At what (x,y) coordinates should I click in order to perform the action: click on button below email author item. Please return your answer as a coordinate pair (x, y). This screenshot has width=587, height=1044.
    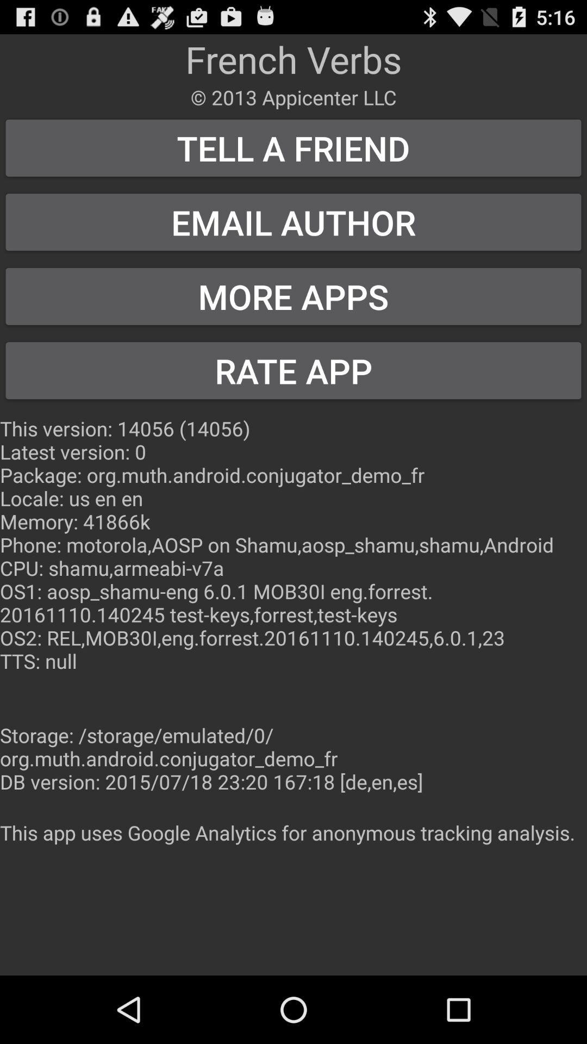
    Looking at the image, I should click on (293, 296).